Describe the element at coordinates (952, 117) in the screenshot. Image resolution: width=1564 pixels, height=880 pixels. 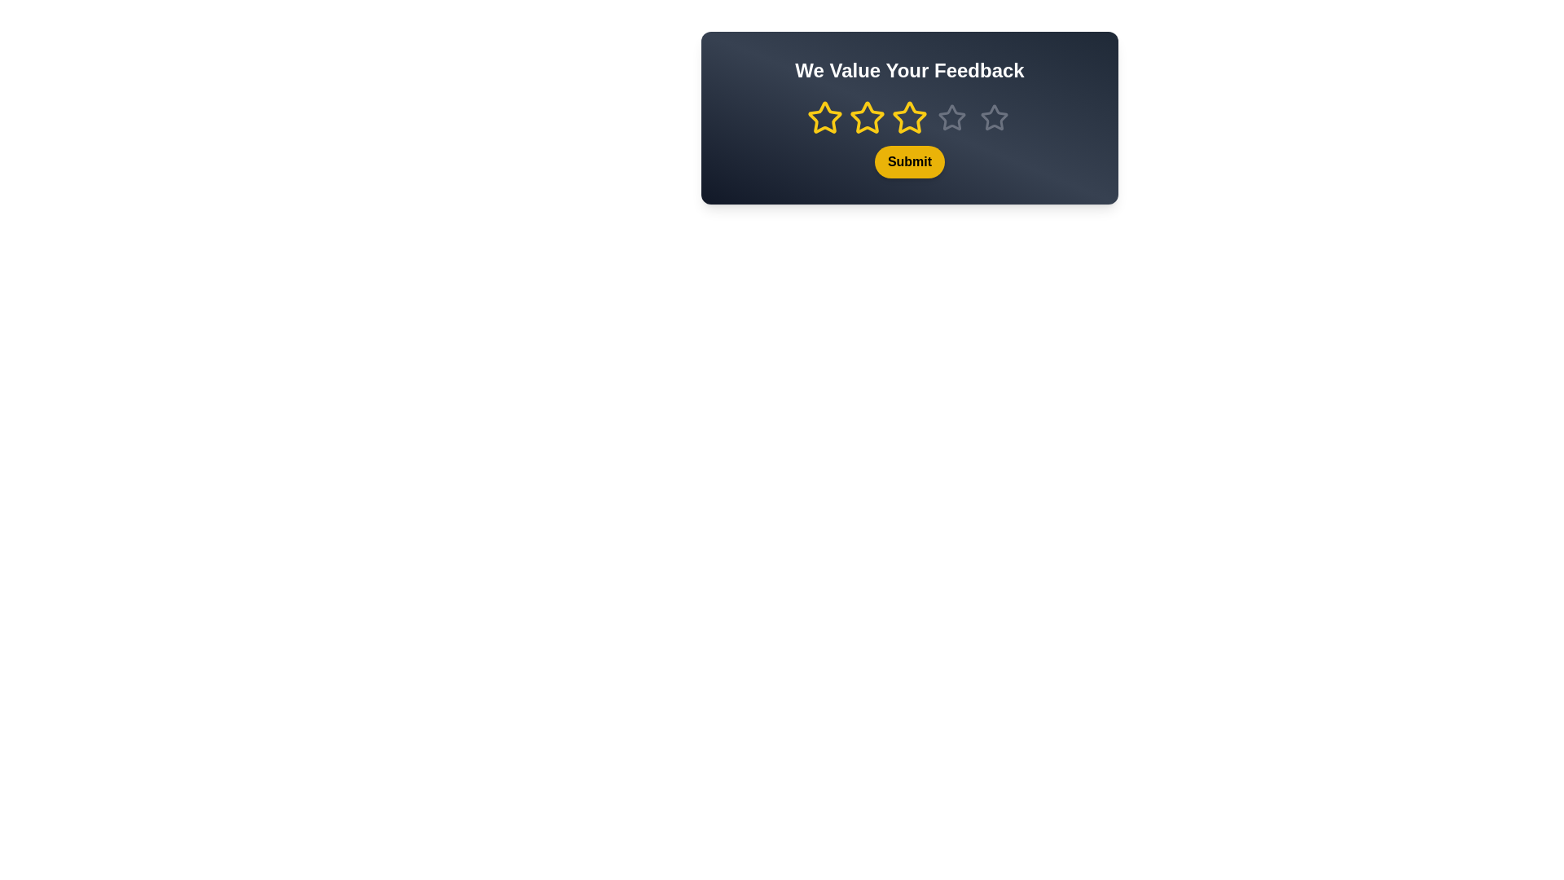
I see `the fourth star-shaped icon in the rating system, which is outlined in gray` at that location.